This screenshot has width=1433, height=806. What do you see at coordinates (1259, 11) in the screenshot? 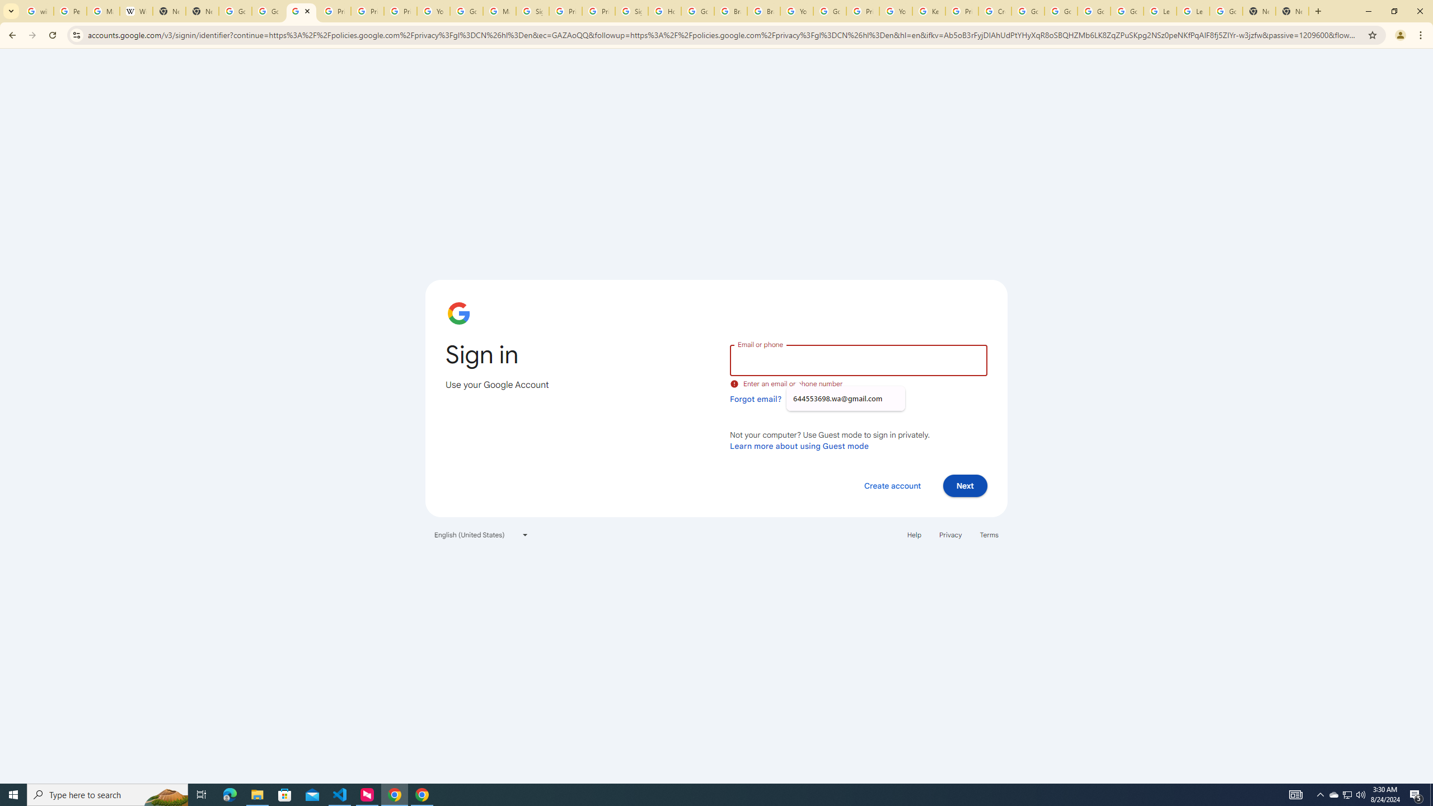
I see `'New Tab'` at bounding box center [1259, 11].